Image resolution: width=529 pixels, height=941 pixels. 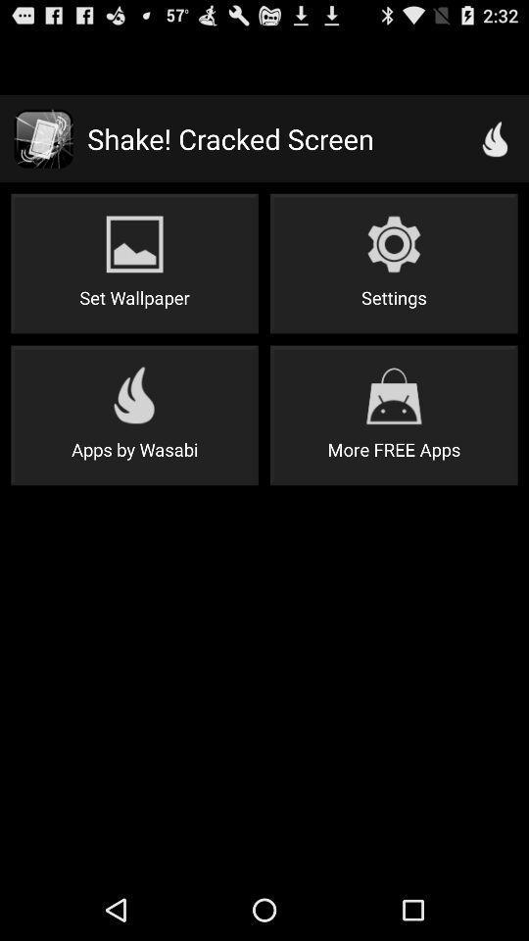 What do you see at coordinates (394, 415) in the screenshot?
I see `more free apps on the right` at bounding box center [394, 415].